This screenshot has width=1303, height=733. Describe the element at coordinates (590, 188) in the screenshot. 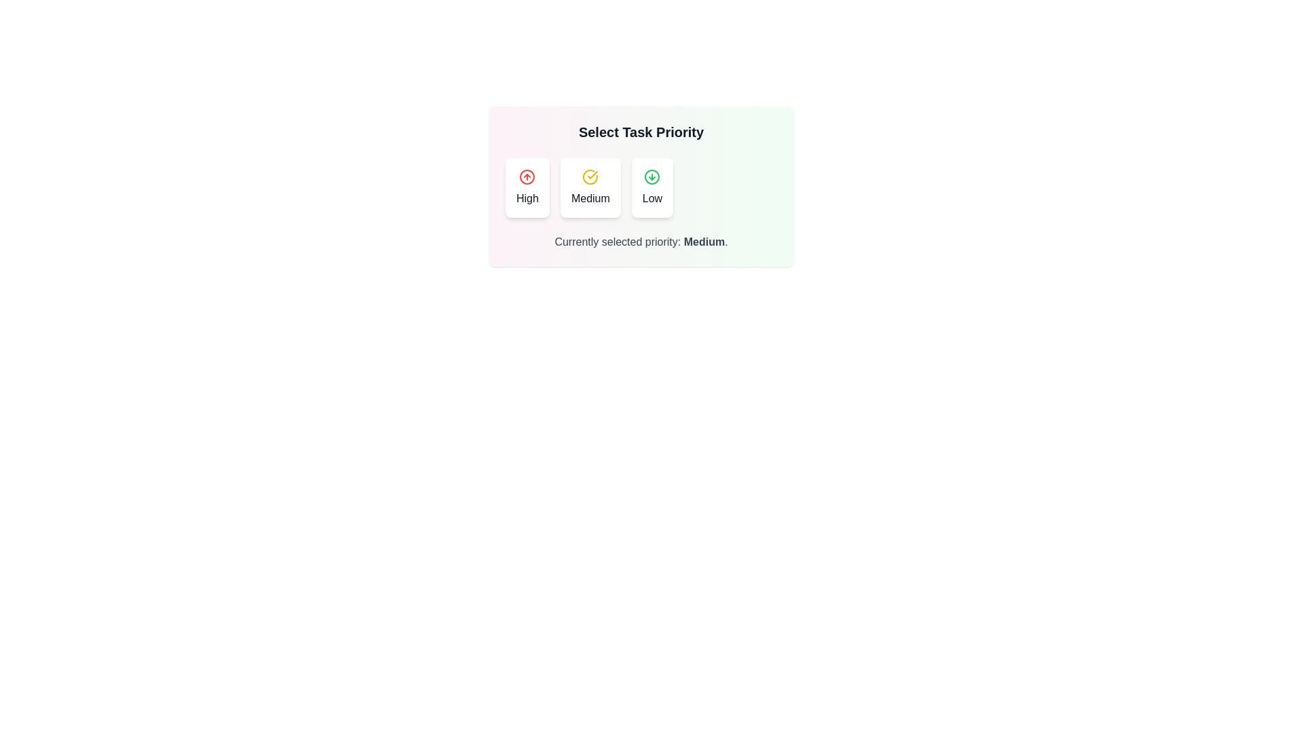

I see `the priority option labeled Medium to observe its hover effect` at that location.